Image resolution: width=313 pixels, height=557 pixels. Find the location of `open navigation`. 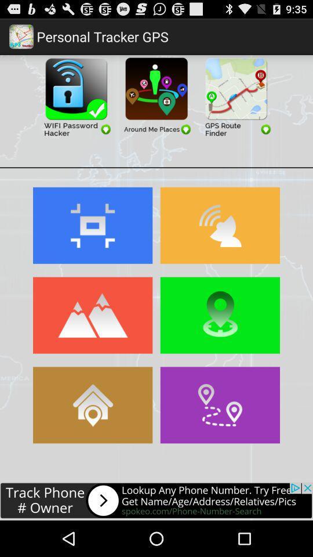

open navigation is located at coordinates (220, 405).